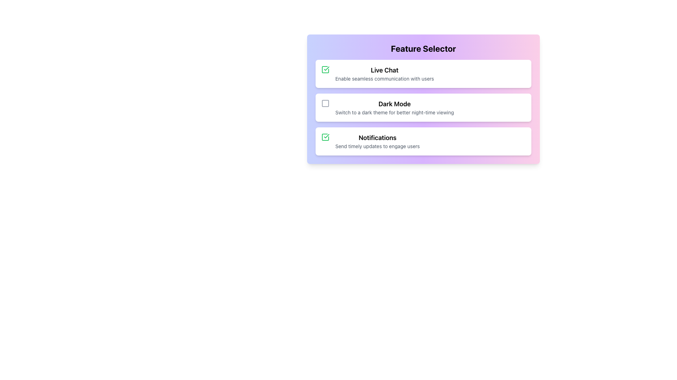 This screenshot has height=380, width=677. What do you see at coordinates (377, 138) in the screenshot?
I see `the 'Notifications' header text label, which is located above the description 'Send timely updates to engage users' and is the bottom element in the feature selector list` at bounding box center [377, 138].